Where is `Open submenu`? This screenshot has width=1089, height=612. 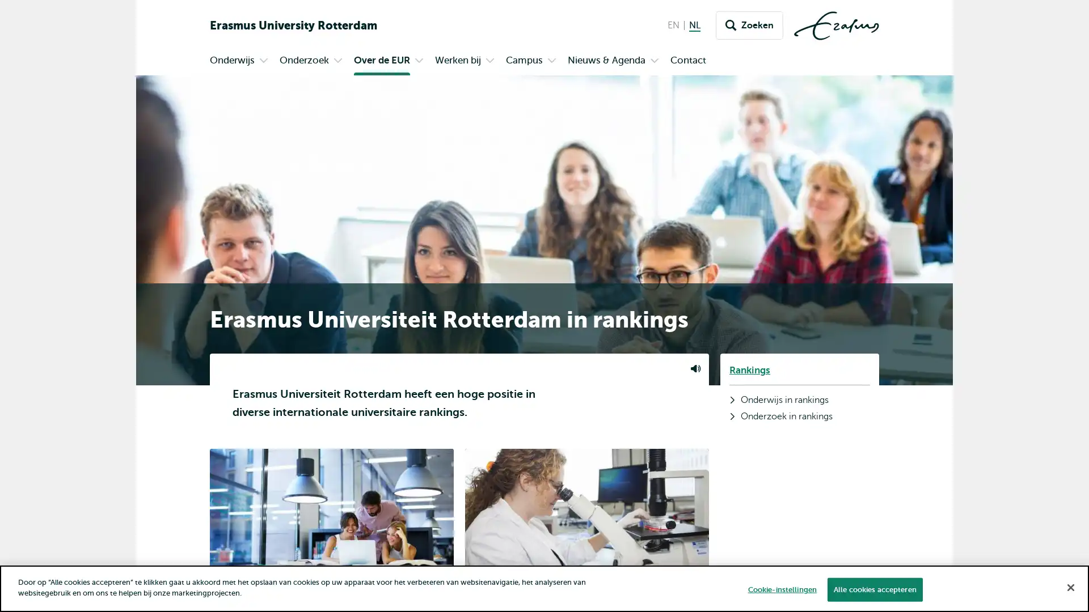
Open submenu is located at coordinates (263, 61).